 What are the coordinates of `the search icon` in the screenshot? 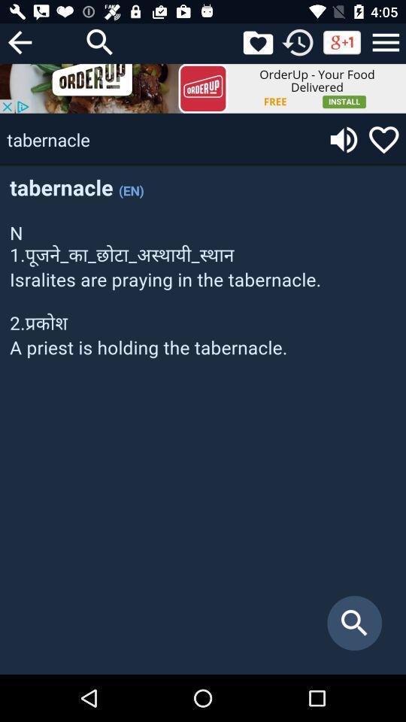 It's located at (100, 41).